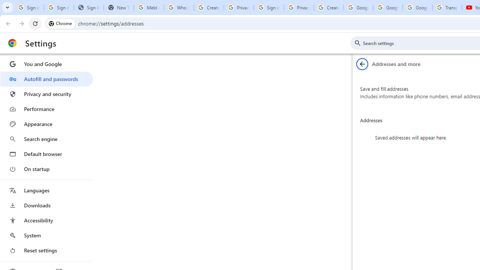 The image size is (480, 270). What do you see at coordinates (46, 139) in the screenshot?
I see `'Search engine'` at bounding box center [46, 139].